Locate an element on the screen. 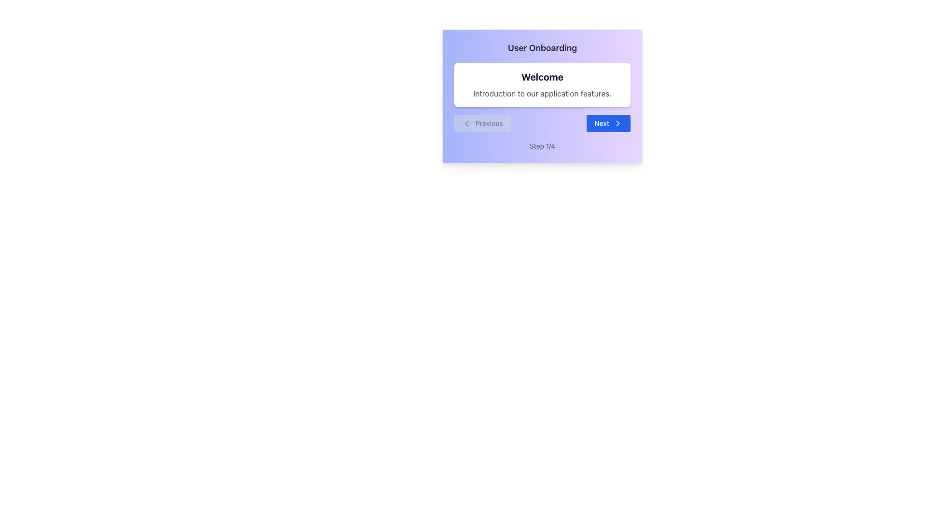 The width and height of the screenshot is (927, 521). text content of the progress indicator label showing the current step in the User Onboarding panel, located below the navigation controls 'Previous' and 'Next' is located at coordinates (542, 145).